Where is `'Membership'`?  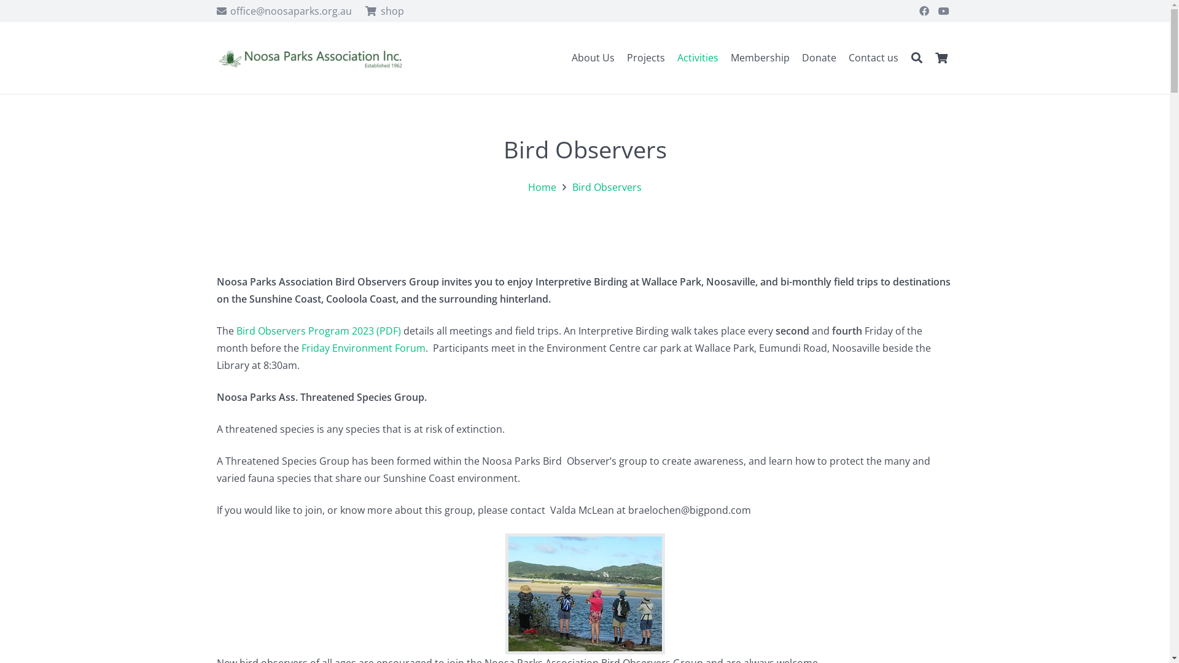
'Membership' is located at coordinates (760, 58).